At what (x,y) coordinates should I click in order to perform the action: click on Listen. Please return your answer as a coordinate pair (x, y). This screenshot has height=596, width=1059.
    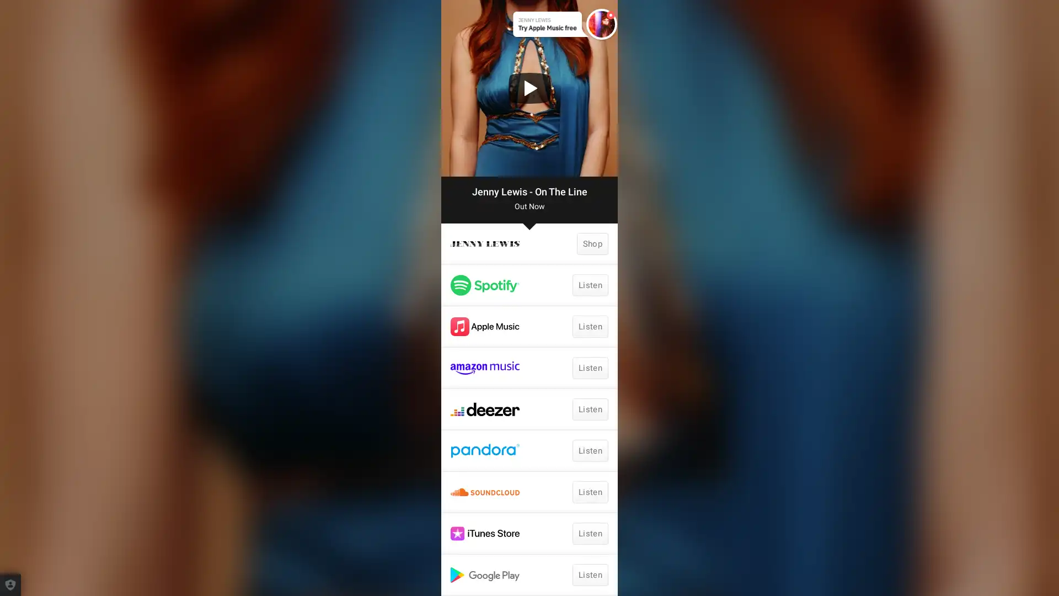
    Looking at the image, I should click on (590, 326).